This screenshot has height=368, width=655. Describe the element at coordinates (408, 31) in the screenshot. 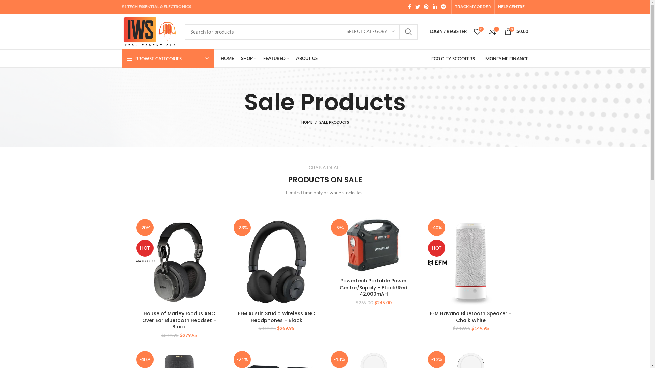

I see `'SEARCH'` at that location.